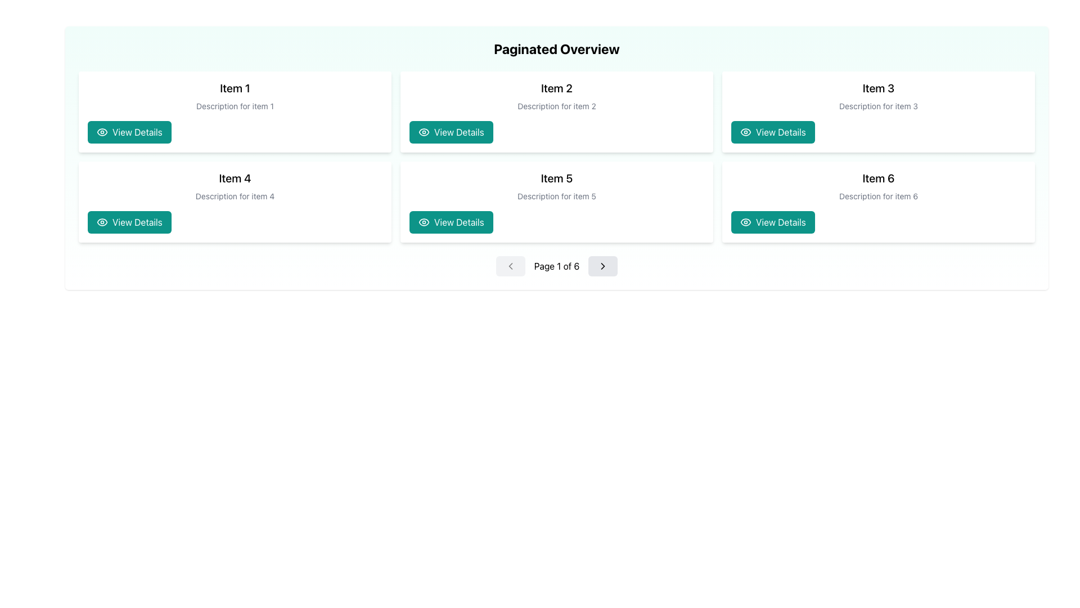 The width and height of the screenshot is (1080, 608). I want to click on the right-pointing chevron button with a light gray background located in the bottom navigation bar, positioned to the right of 'Page 1 of 6', to trigger hover effects, so click(602, 266).